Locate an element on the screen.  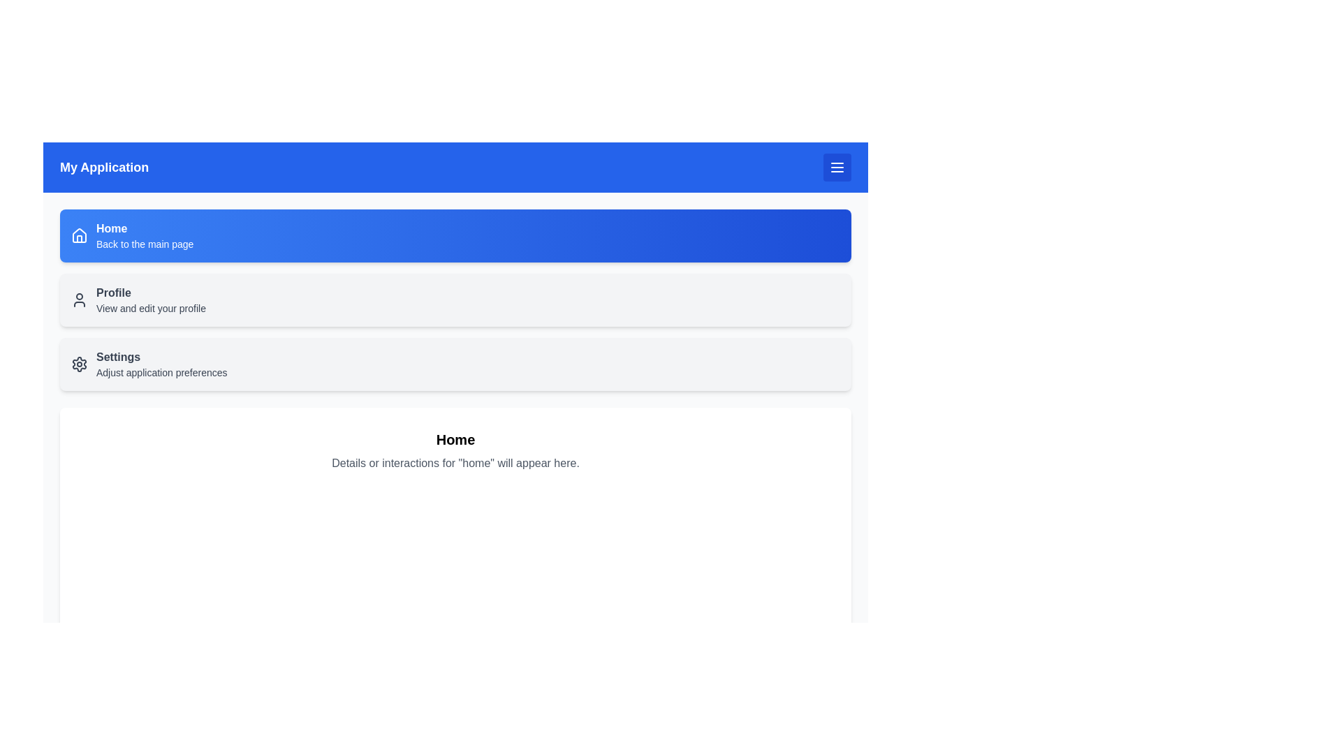
the 'Home' navigation button, which features bold text and a gradient blue background is located at coordinates (145, 235).